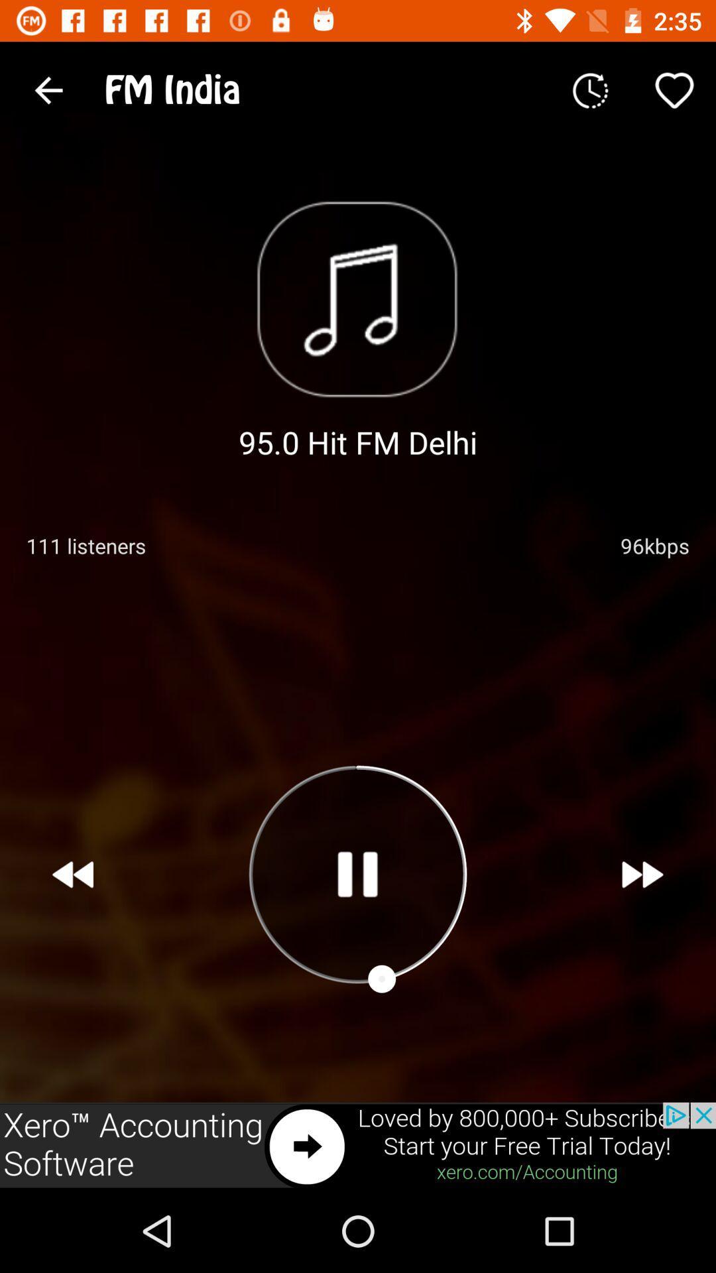 This screenshot has width=716, height=1273. Describe the element at coordinates (357, 874) in the screenshot. I see `pause` at that location.